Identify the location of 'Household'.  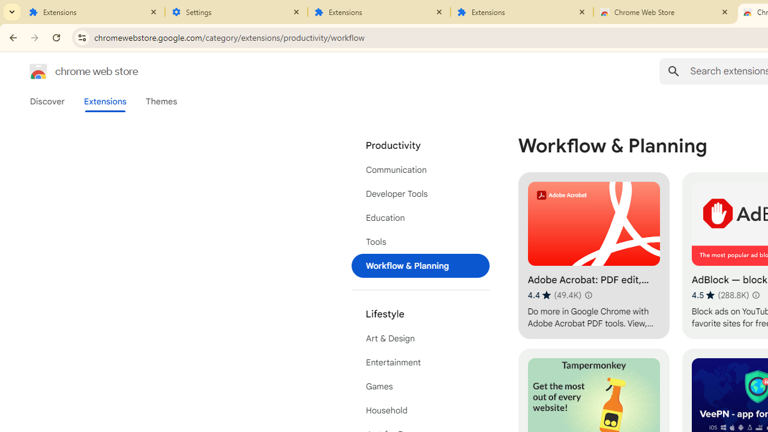
(420, 410).